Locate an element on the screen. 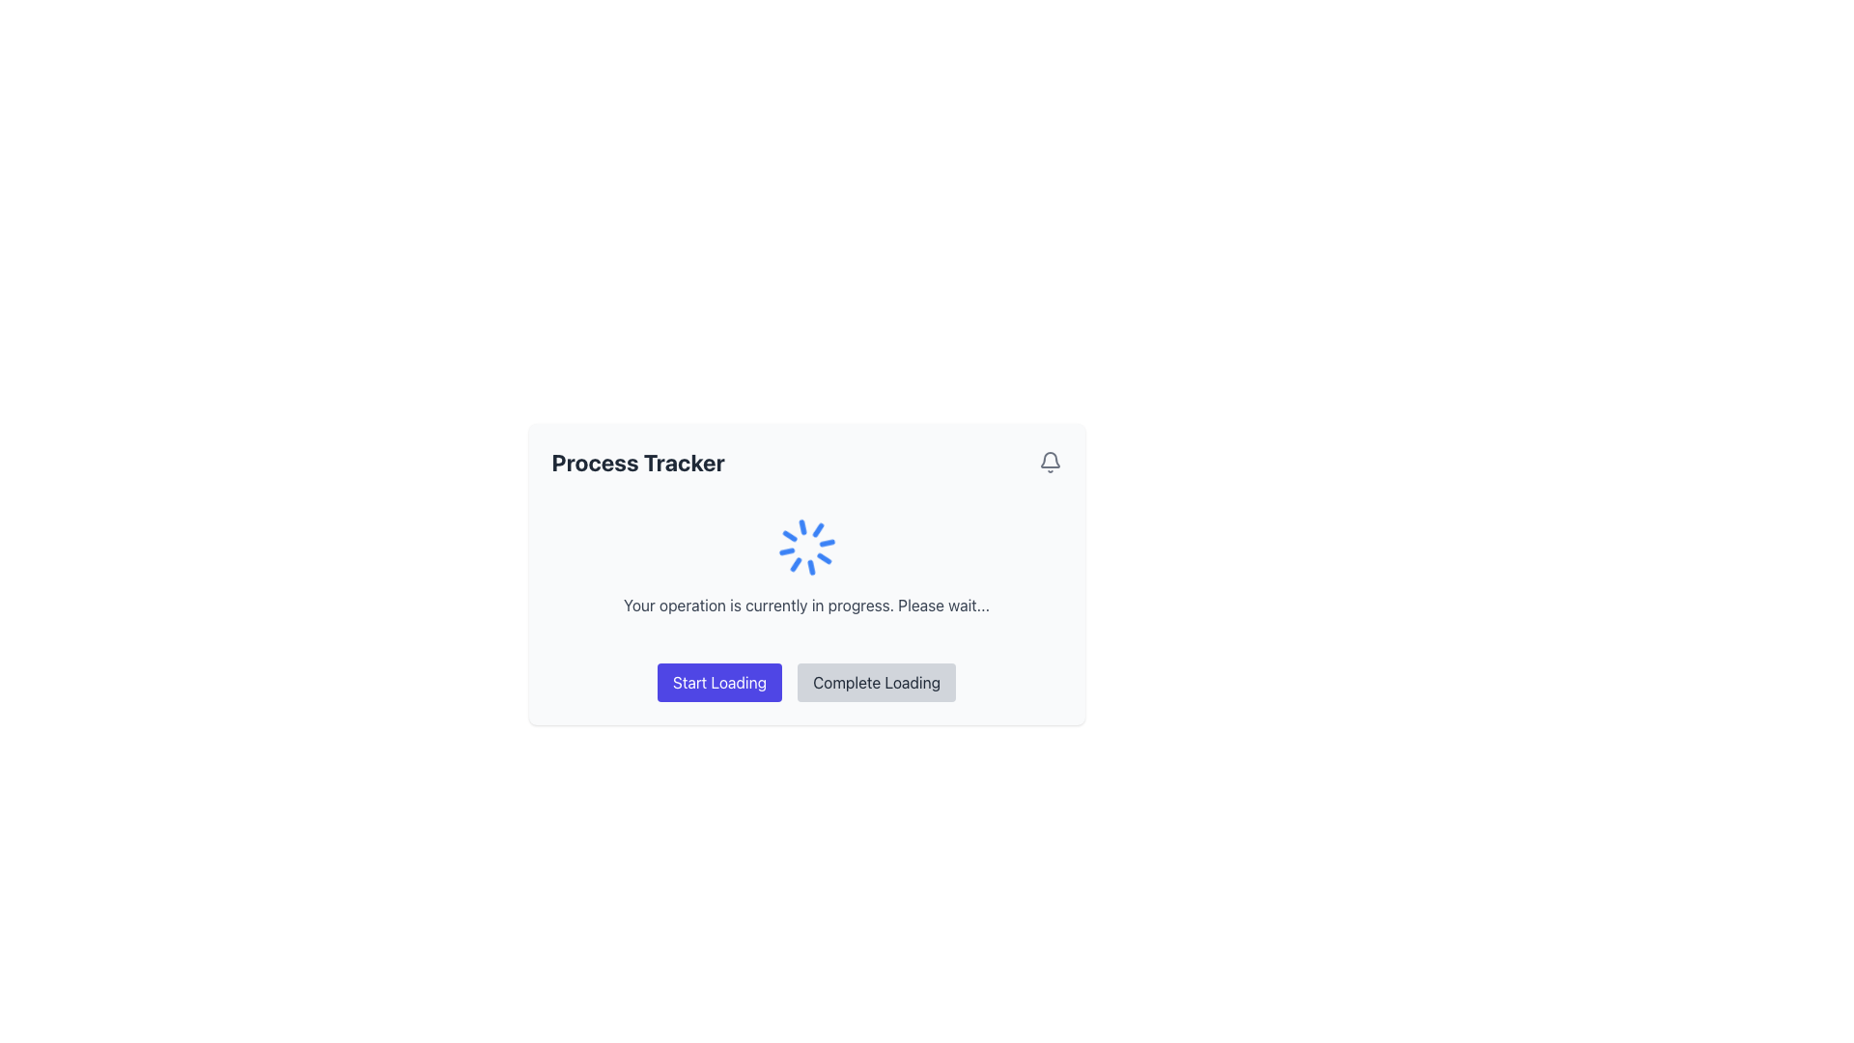 The image size is (1854, 1043). the content of the header element labeled 'Process Tracker' which includes a bold text on the left and a bell-shaped icon on the right is located at coordinates (806, 462).